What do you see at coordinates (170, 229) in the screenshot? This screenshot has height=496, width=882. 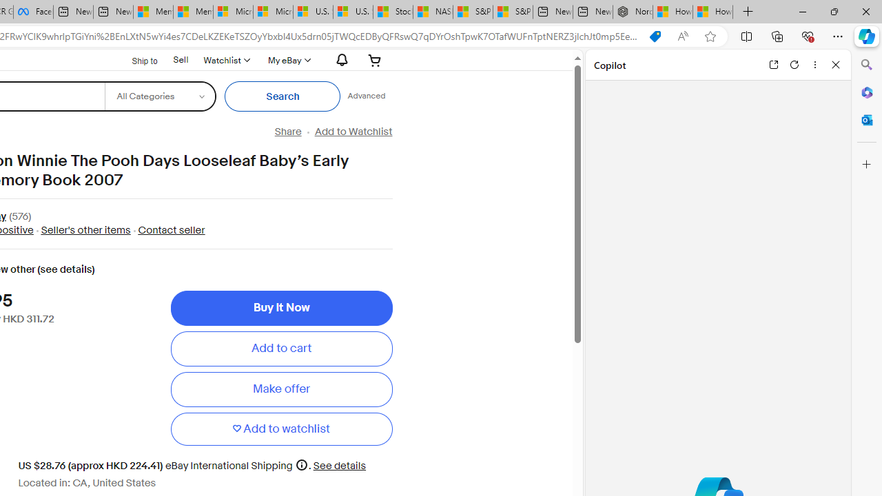 I see `'Contact seller'` at bounding box center [170, 229].